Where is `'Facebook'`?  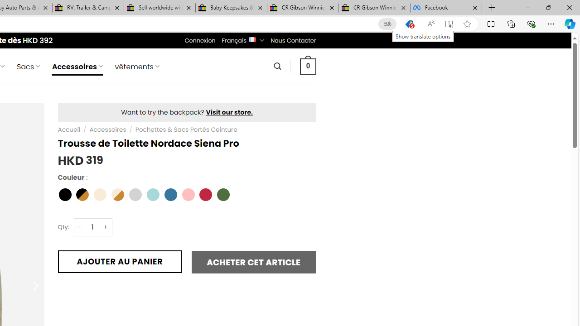 'Facebook' is located at coordinates (446, 8).